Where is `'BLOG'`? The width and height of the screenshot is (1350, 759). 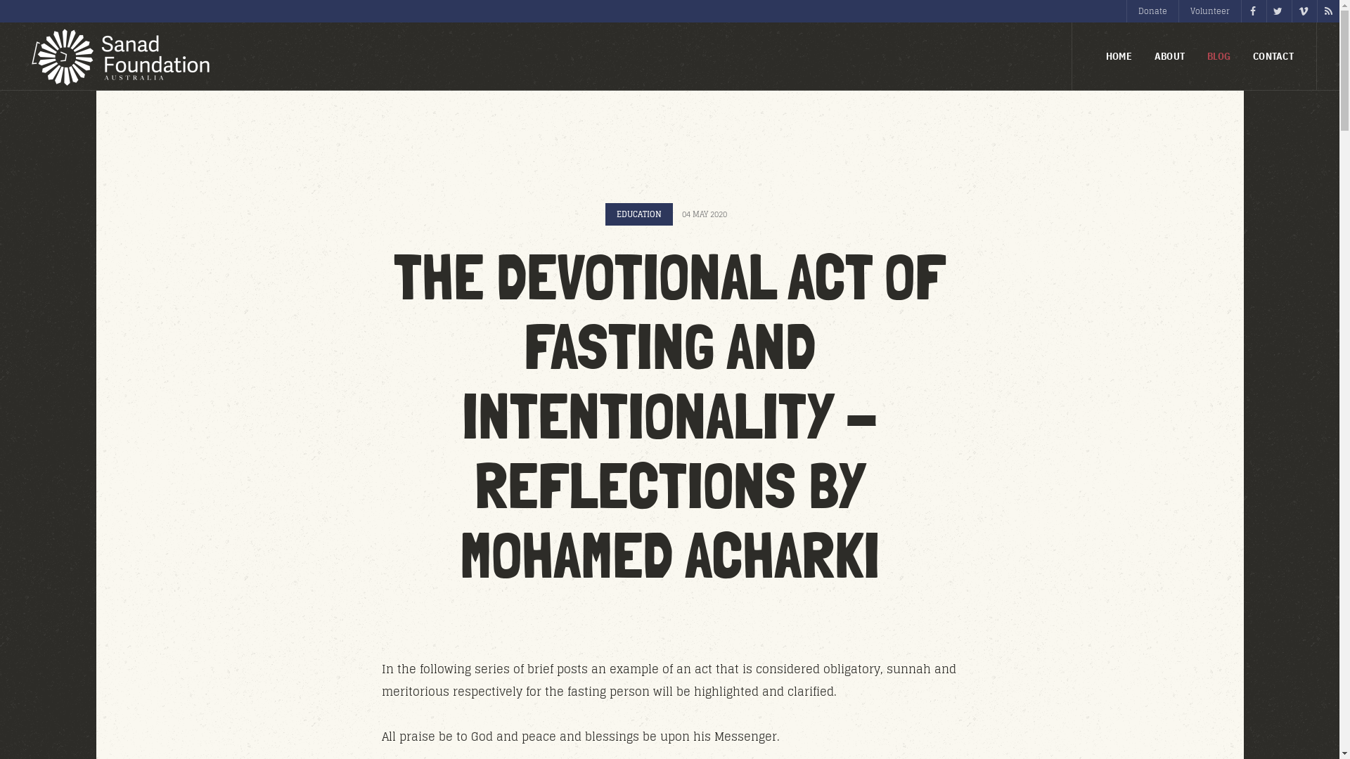 'BLOG' is located at coordinates (1218, 56).